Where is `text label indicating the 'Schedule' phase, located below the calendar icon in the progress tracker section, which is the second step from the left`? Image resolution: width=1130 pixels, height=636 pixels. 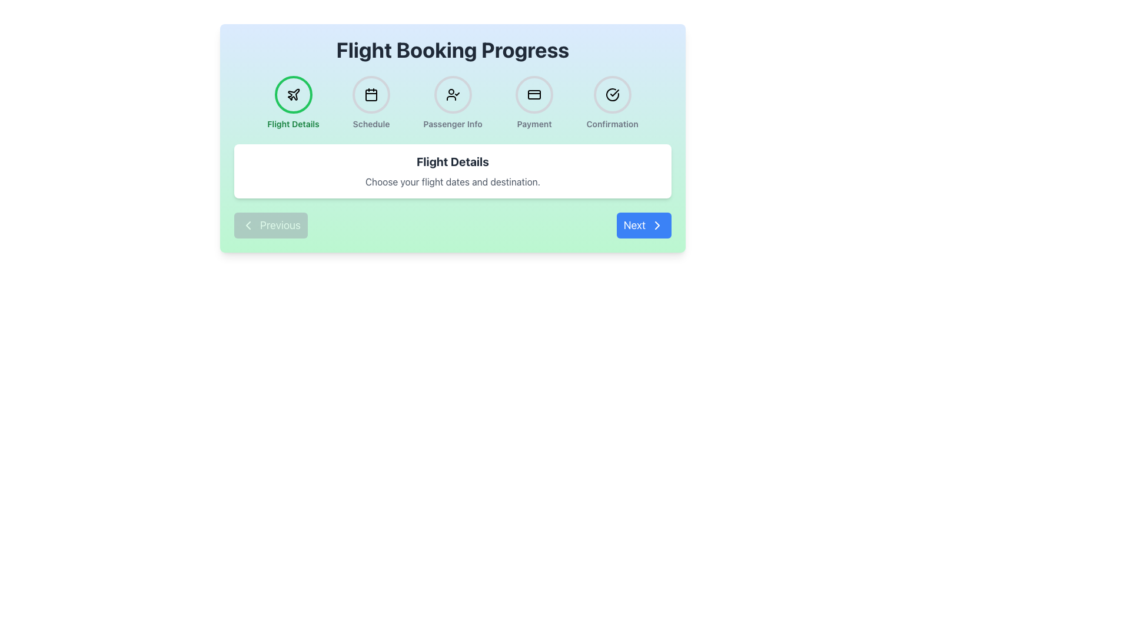
text label indicating the 'Schedule' phase, located below the calendar icon in the progress tracker section, which is the second step from the left is located at coordinates (371, 124).